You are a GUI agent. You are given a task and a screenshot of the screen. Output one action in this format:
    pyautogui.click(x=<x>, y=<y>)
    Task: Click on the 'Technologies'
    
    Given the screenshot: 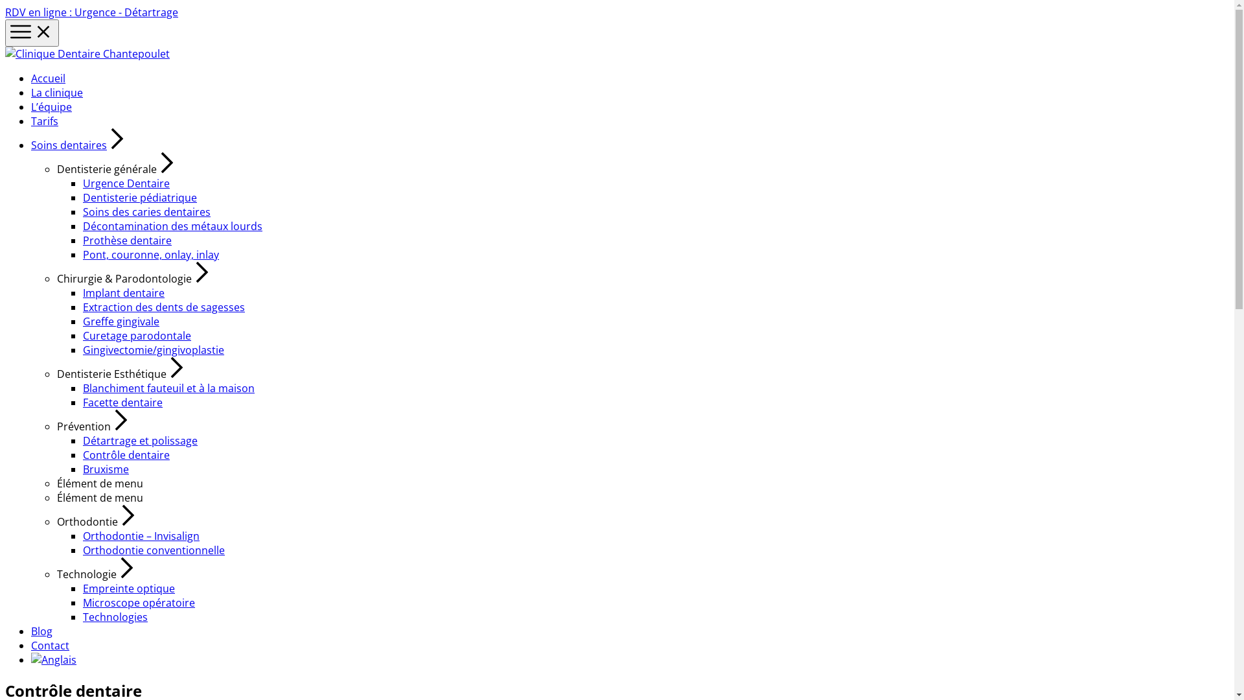 What is the action you would take?
    pyautogui.click(x=115, y=616)
    